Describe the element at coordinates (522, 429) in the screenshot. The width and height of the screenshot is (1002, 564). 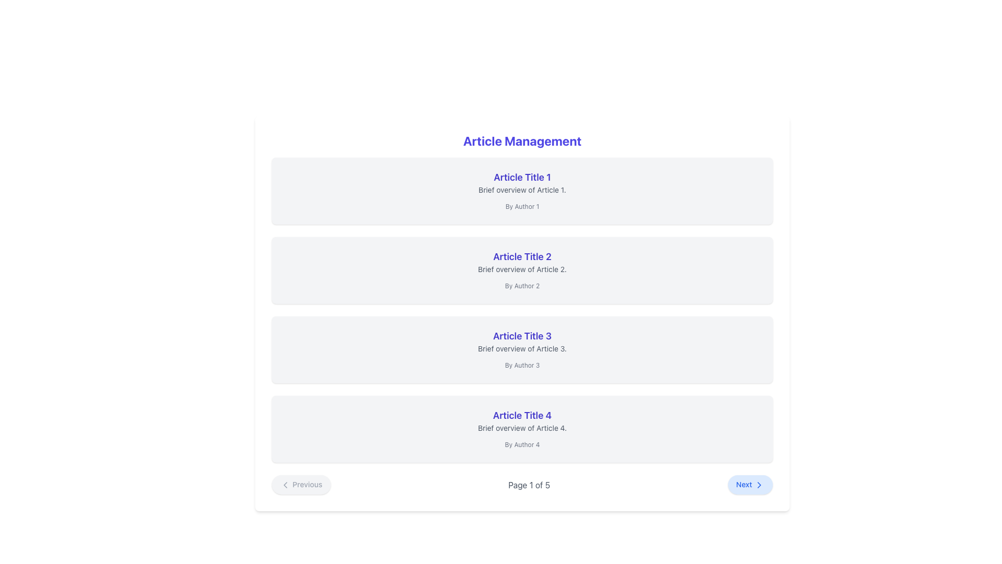
I see `the Informational card at the bottom of the grid` at that location.